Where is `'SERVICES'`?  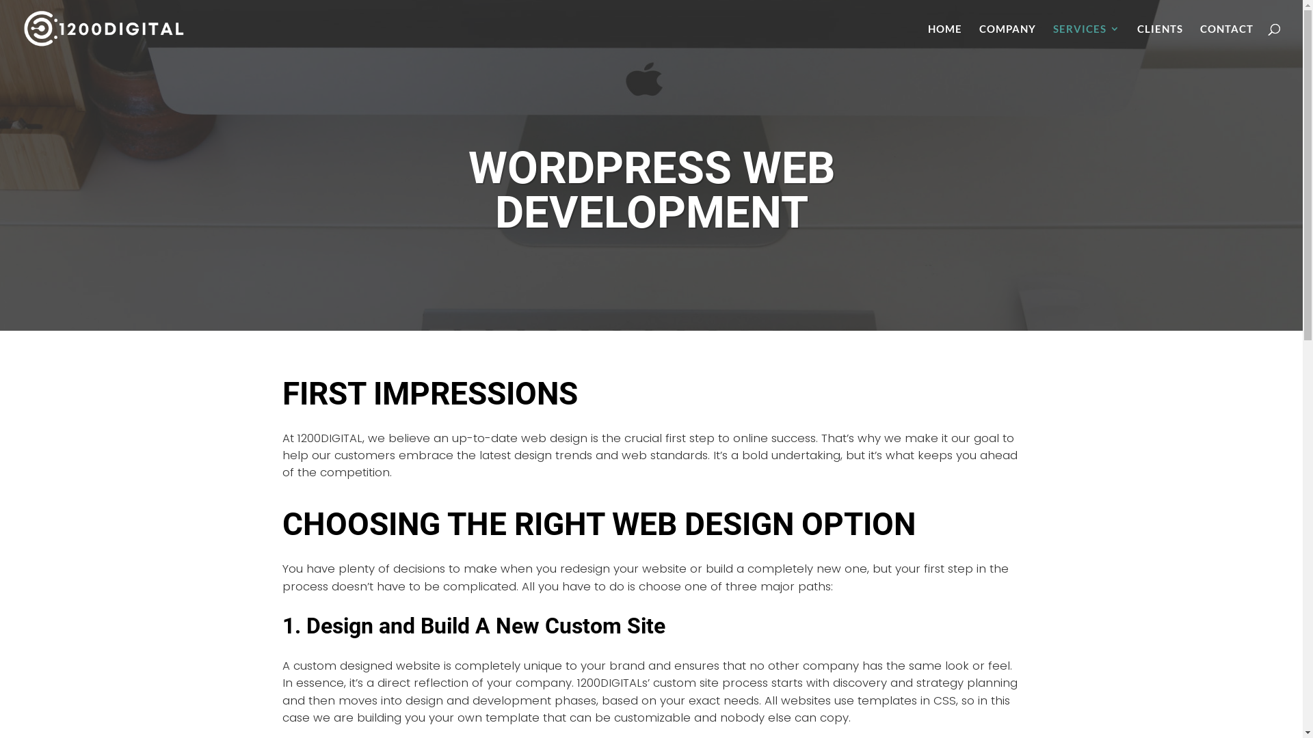
'SERVICES' is located at coordinates (1085, 40).